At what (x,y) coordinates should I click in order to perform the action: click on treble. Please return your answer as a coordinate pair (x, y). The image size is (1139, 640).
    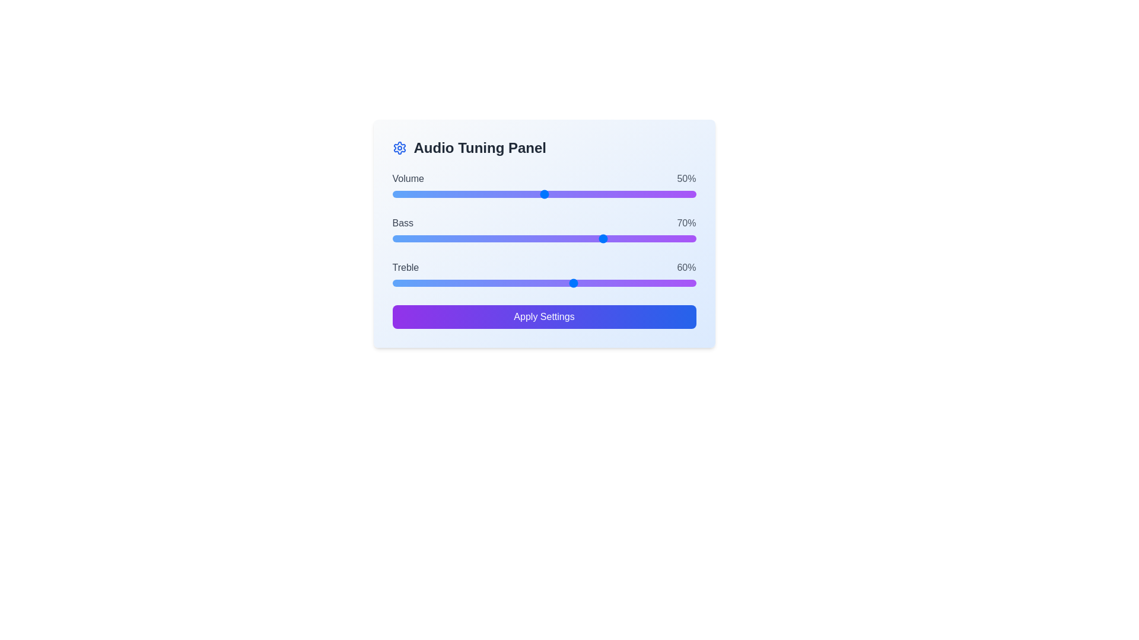
    Looking at the image, I should click on (596, 283).